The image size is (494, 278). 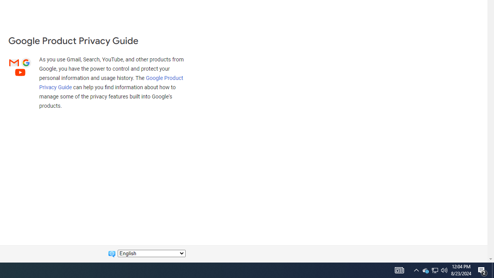 What do you see at coordinates (111, 82) in the screenshot?
I see `'Google Product Privacy Guide'` at bounding box center [111, 82].